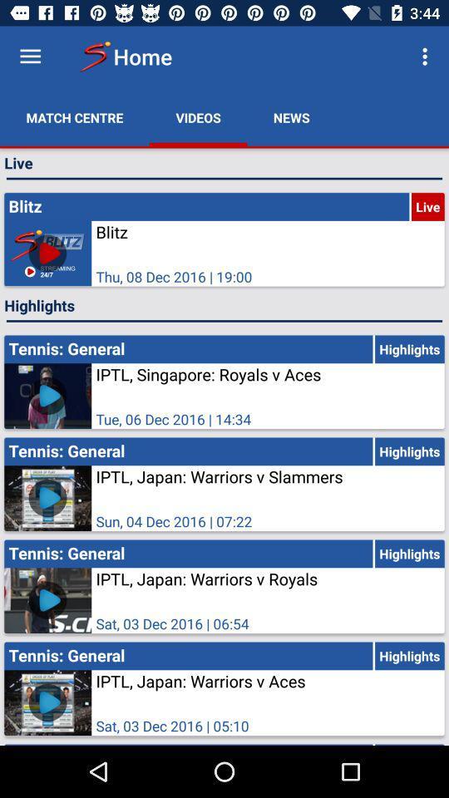 This screenshot has width=449, height=798. What do you see at coordinates (30, 57) in the screenshot?
I see `see menu` at bounding box center [30, 57].